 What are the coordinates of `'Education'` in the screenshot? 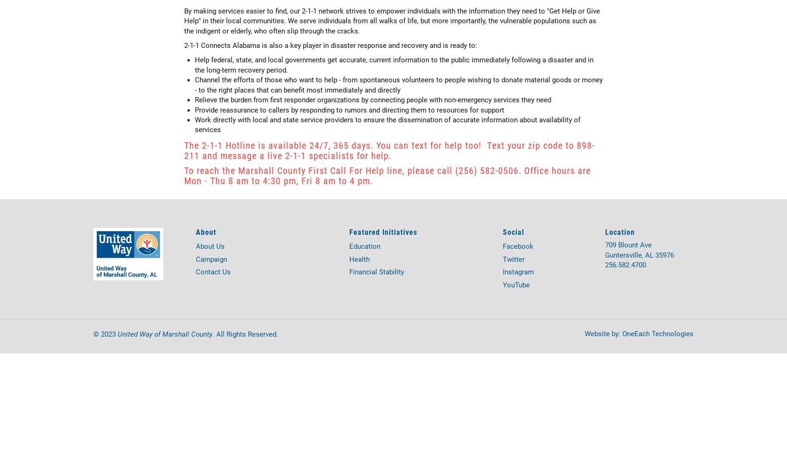 It's located at (365, 246).